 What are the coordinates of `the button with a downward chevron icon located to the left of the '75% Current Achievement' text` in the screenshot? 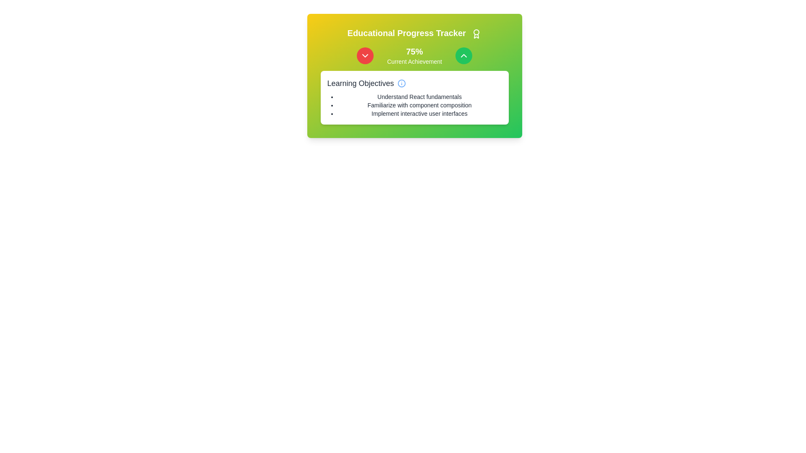 It's located at (365, 55).